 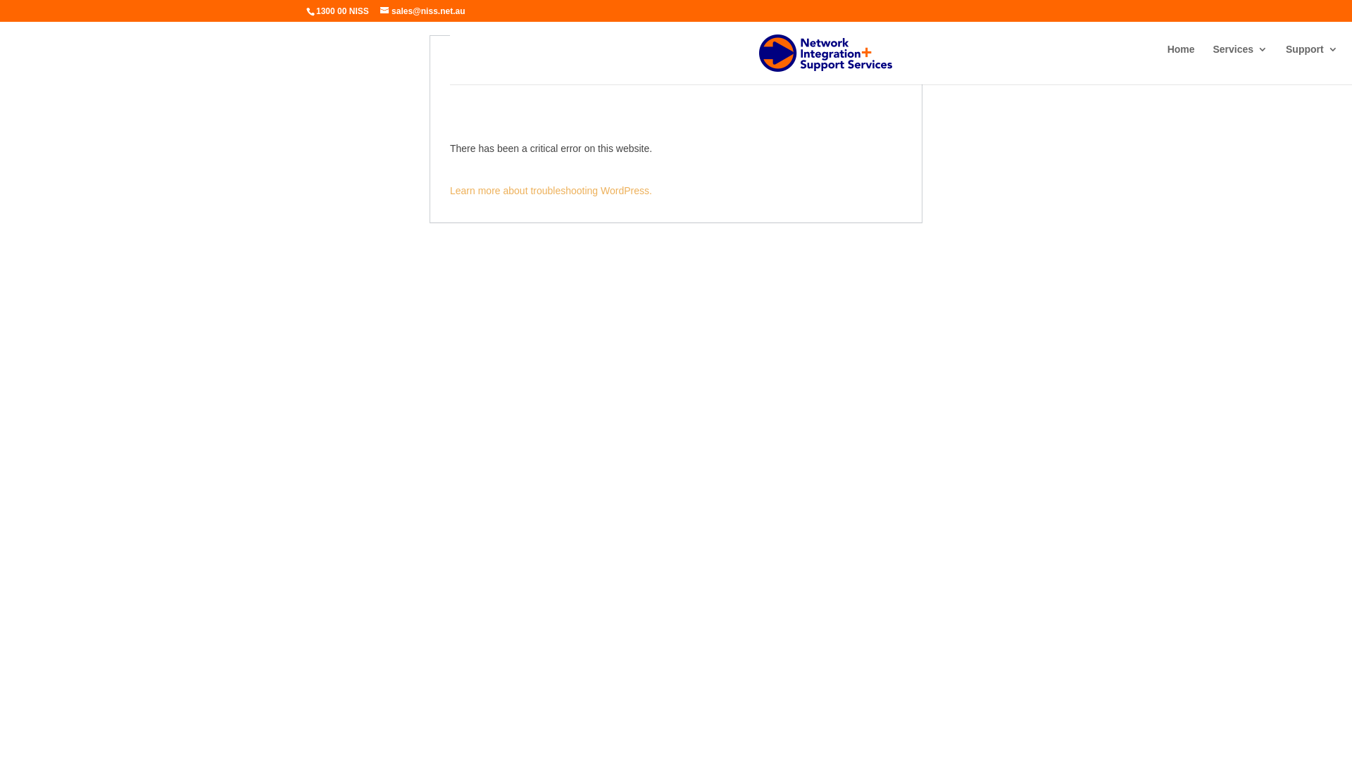 What do you see at coordinates (1310, 60) in the screenshot?
I see `'Support'` at bounding box center [1310, 60].